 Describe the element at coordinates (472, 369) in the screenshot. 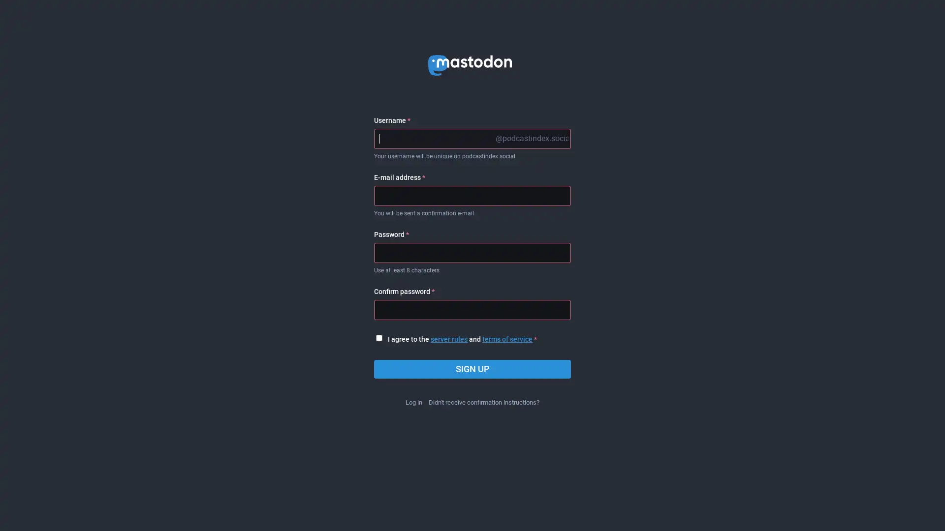

I see `SIGN UP` at that location.